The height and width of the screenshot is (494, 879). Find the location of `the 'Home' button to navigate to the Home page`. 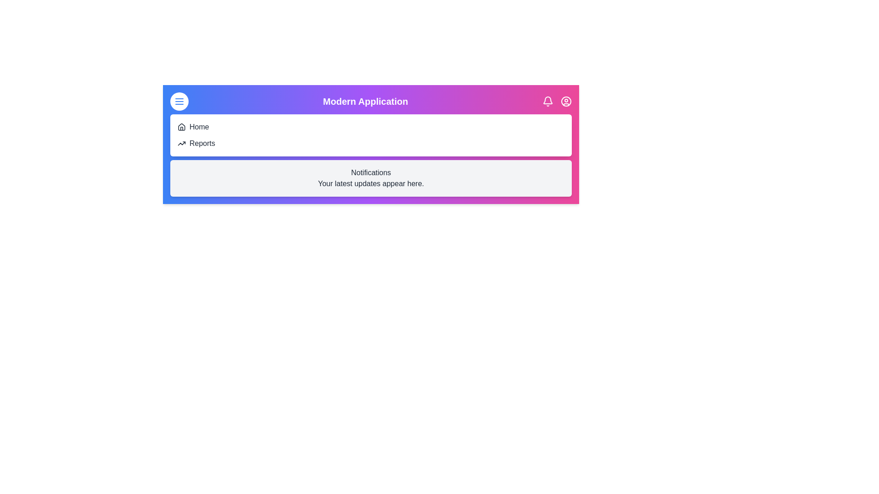

the 'Home' button to navigate to the Home page is located at coordinates (199, 127).